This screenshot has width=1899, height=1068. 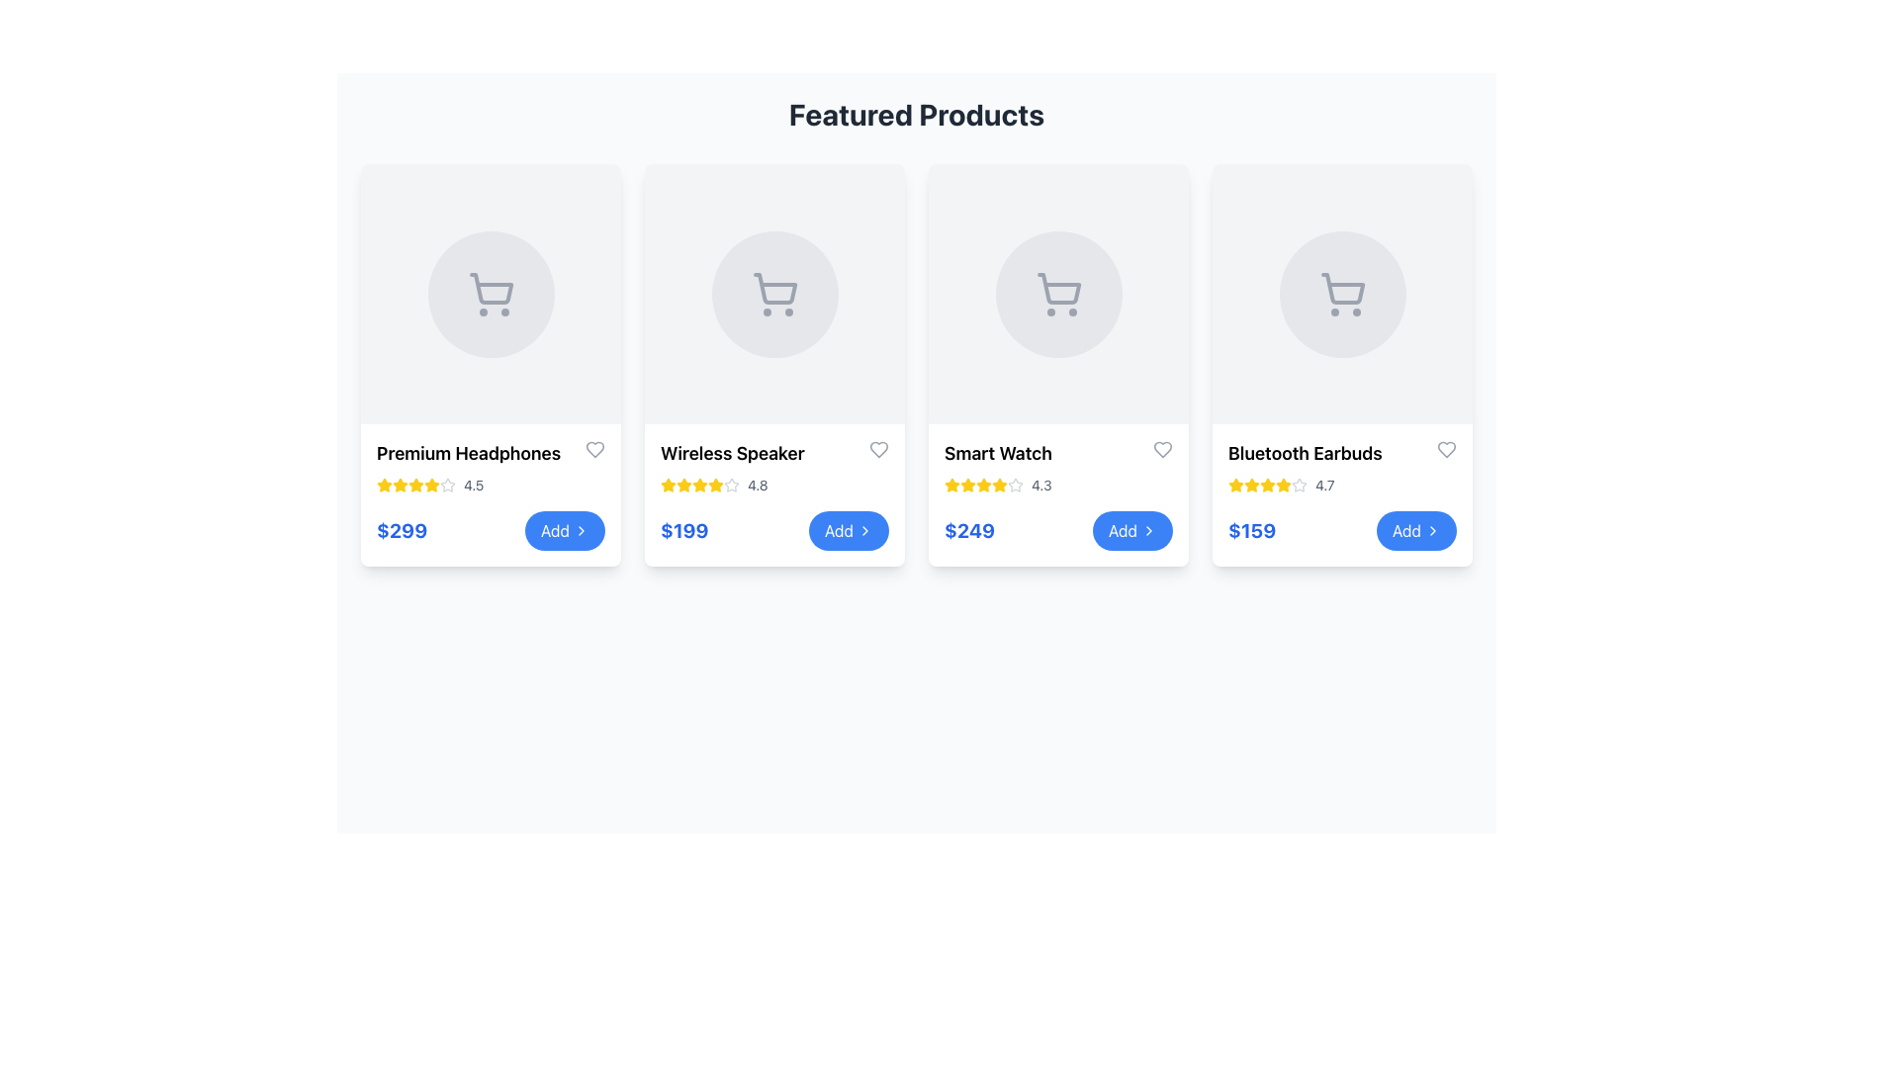 What do you see at coordinates (1057, 365) in the screenshot?
I see `the 'Smart Watch' Product Card located in the middle-right position of the row under 'Featured Products'` at bounding box center [1057, 365].